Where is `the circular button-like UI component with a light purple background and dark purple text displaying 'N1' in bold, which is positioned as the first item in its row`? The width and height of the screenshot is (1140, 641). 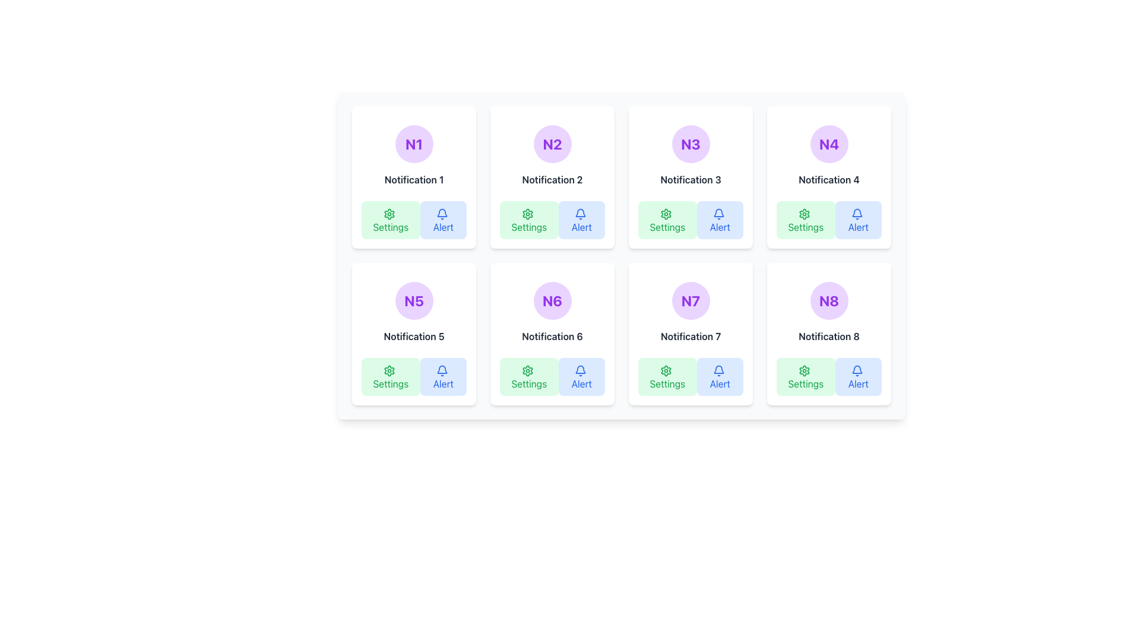
the circular button-like UI component with a light purple background and dark purple text displaying 'N1' in bold, which is positioned as the first item in its row is located at coordinates (414, 144).